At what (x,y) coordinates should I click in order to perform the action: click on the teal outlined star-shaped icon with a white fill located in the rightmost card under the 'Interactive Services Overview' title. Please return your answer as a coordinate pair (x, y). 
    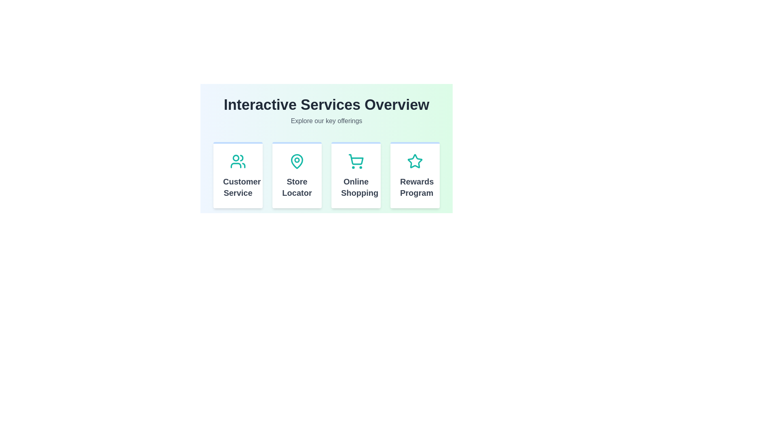
    Looking at the image, I should click on (415, 161).